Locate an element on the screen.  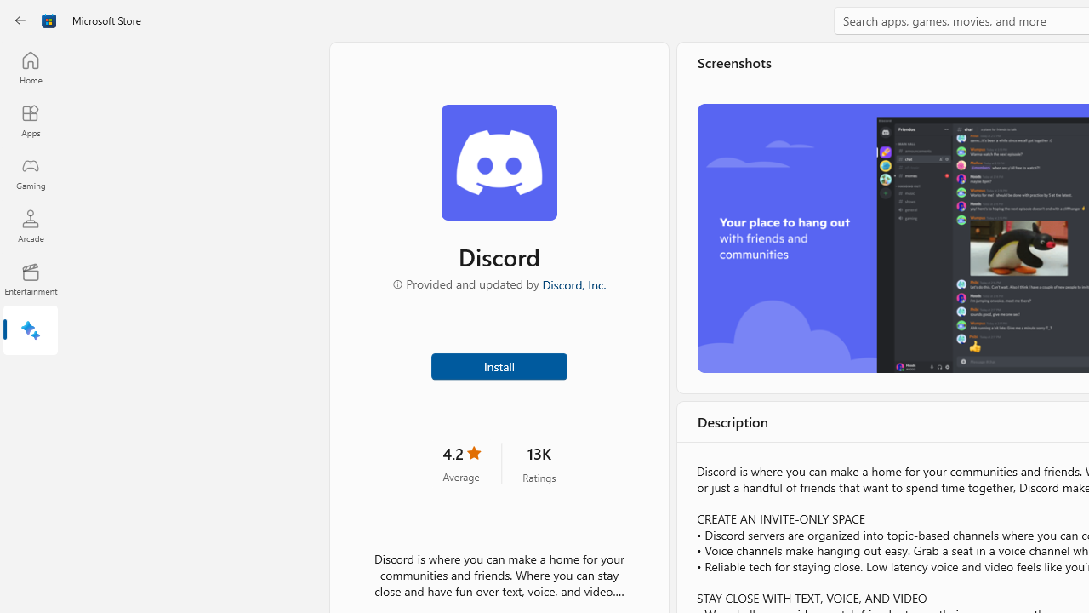
'Gaming' is located at coordinates (30, 173).